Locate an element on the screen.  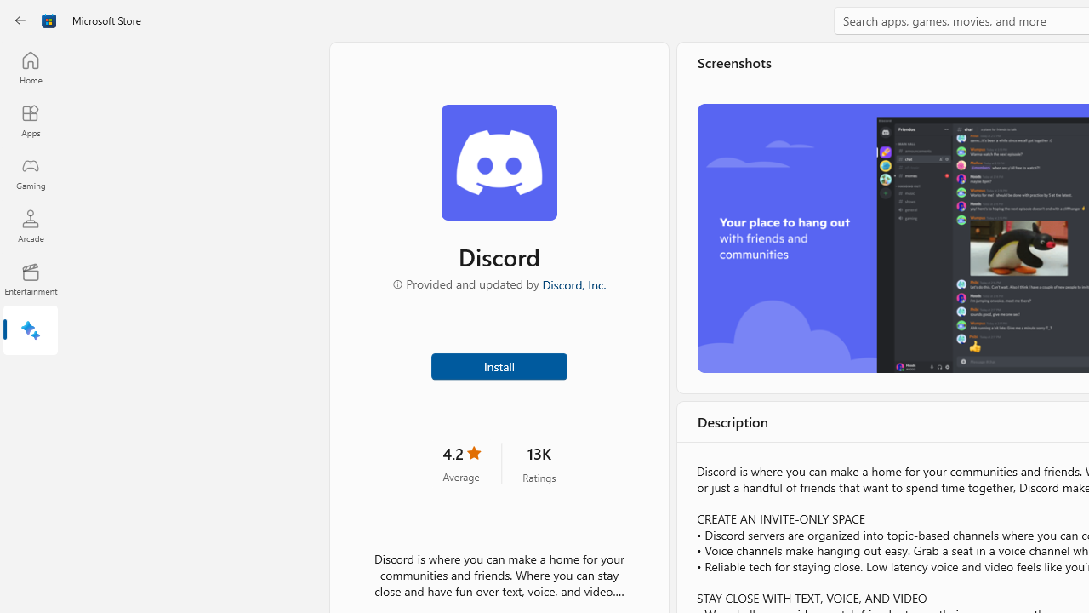
'Gaming' is located at coordinates (30, 173).